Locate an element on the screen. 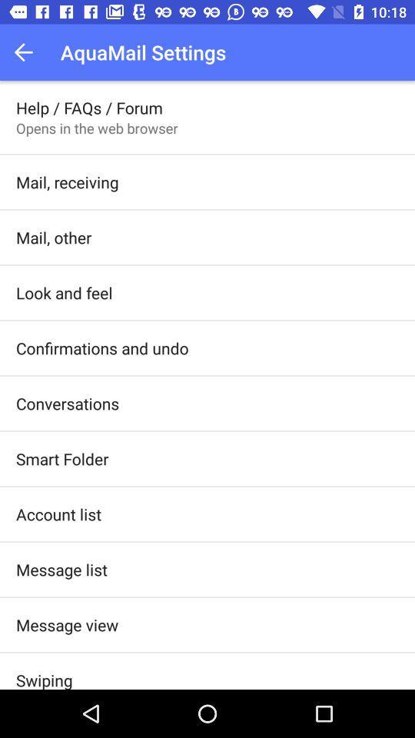 The height and width of the screenshot is (738, 415). item below account list is located at coordinates (61, 569).